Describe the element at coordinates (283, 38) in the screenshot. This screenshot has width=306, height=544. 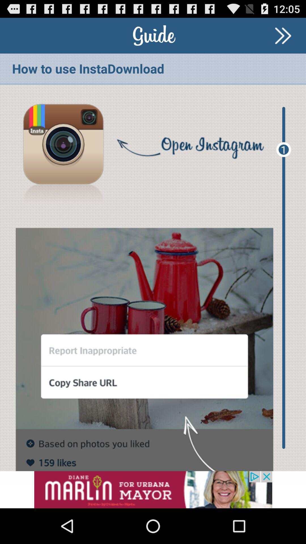
I see `the av_forward icon` at that location.